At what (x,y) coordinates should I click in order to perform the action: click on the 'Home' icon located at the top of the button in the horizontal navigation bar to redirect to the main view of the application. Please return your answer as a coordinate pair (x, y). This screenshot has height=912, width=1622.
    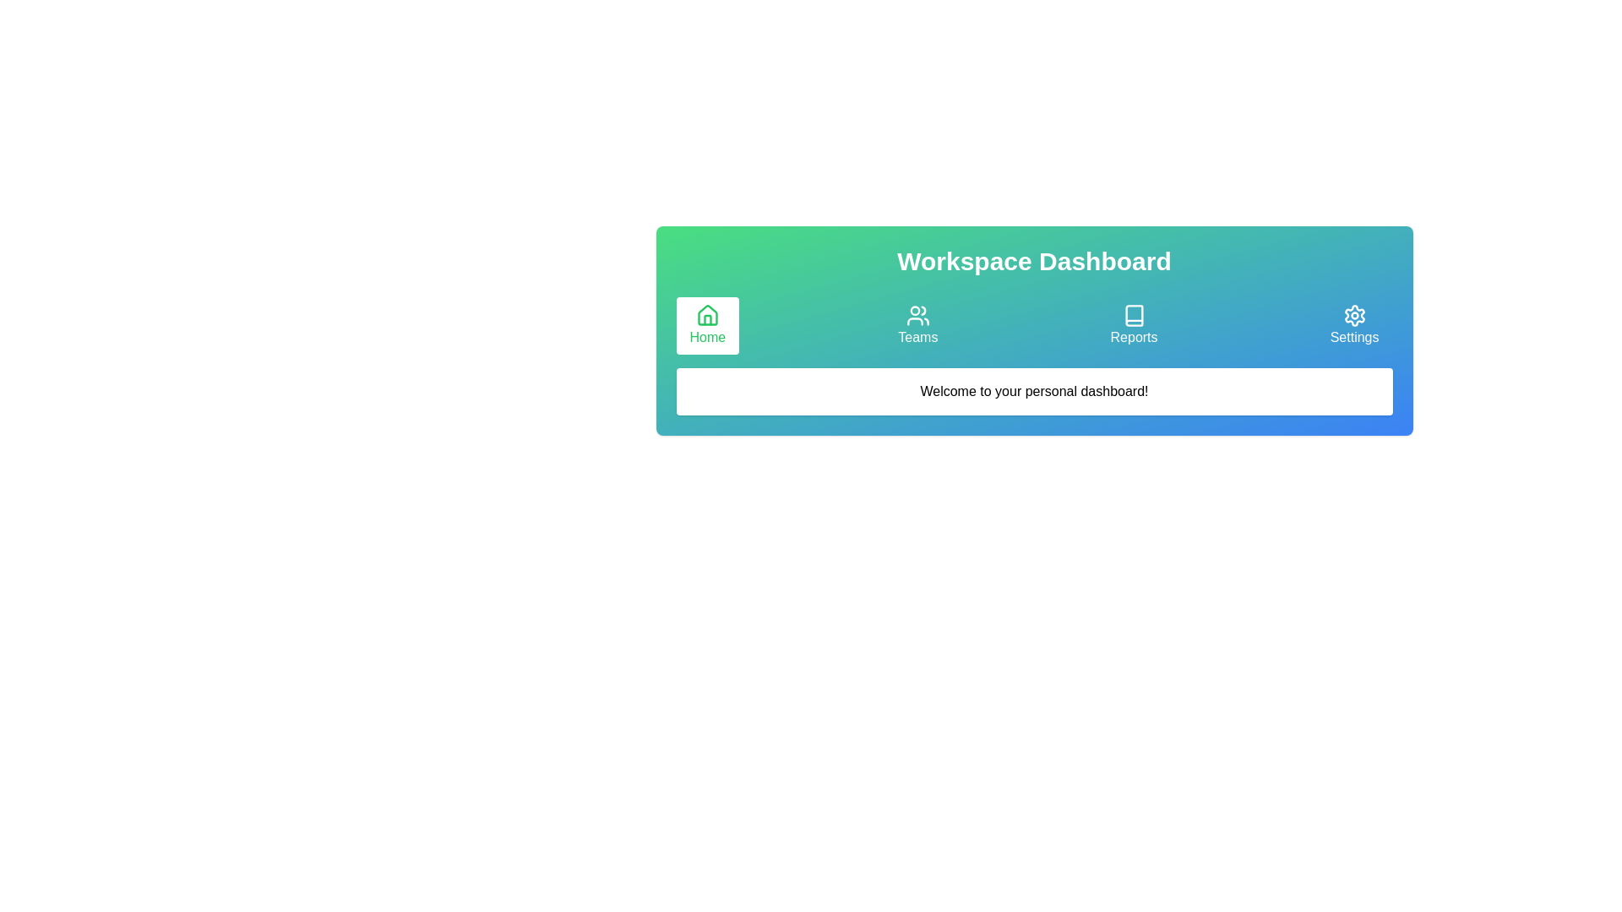
    Looking at the image, I should click on (707, 316).